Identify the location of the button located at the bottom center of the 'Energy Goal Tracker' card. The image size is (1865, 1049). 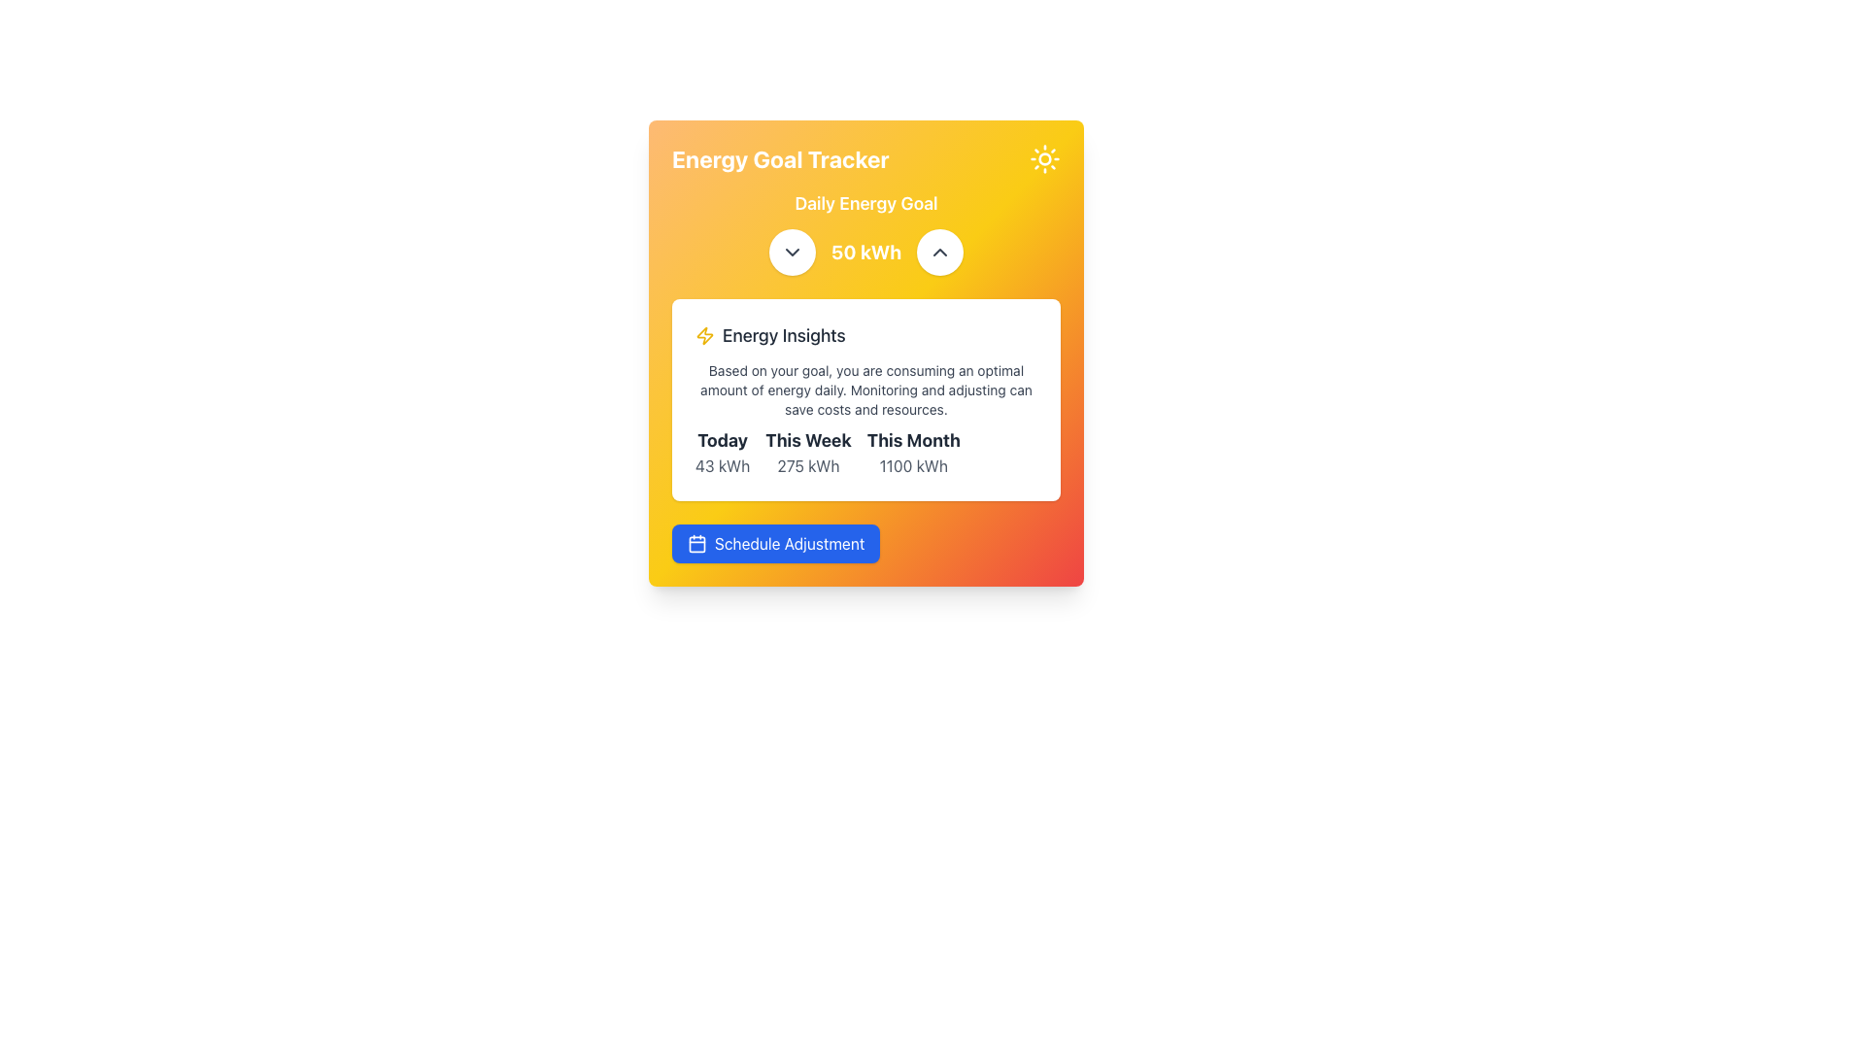
(775, 543).